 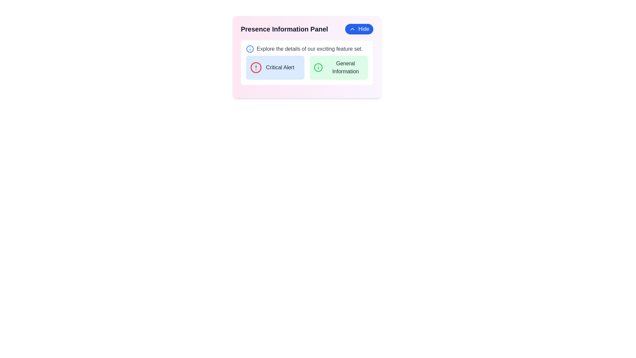 I want to click on the circular green information icon located in the 'General Information' section on the right-hand side of the panel, so click(x=318, y=68).